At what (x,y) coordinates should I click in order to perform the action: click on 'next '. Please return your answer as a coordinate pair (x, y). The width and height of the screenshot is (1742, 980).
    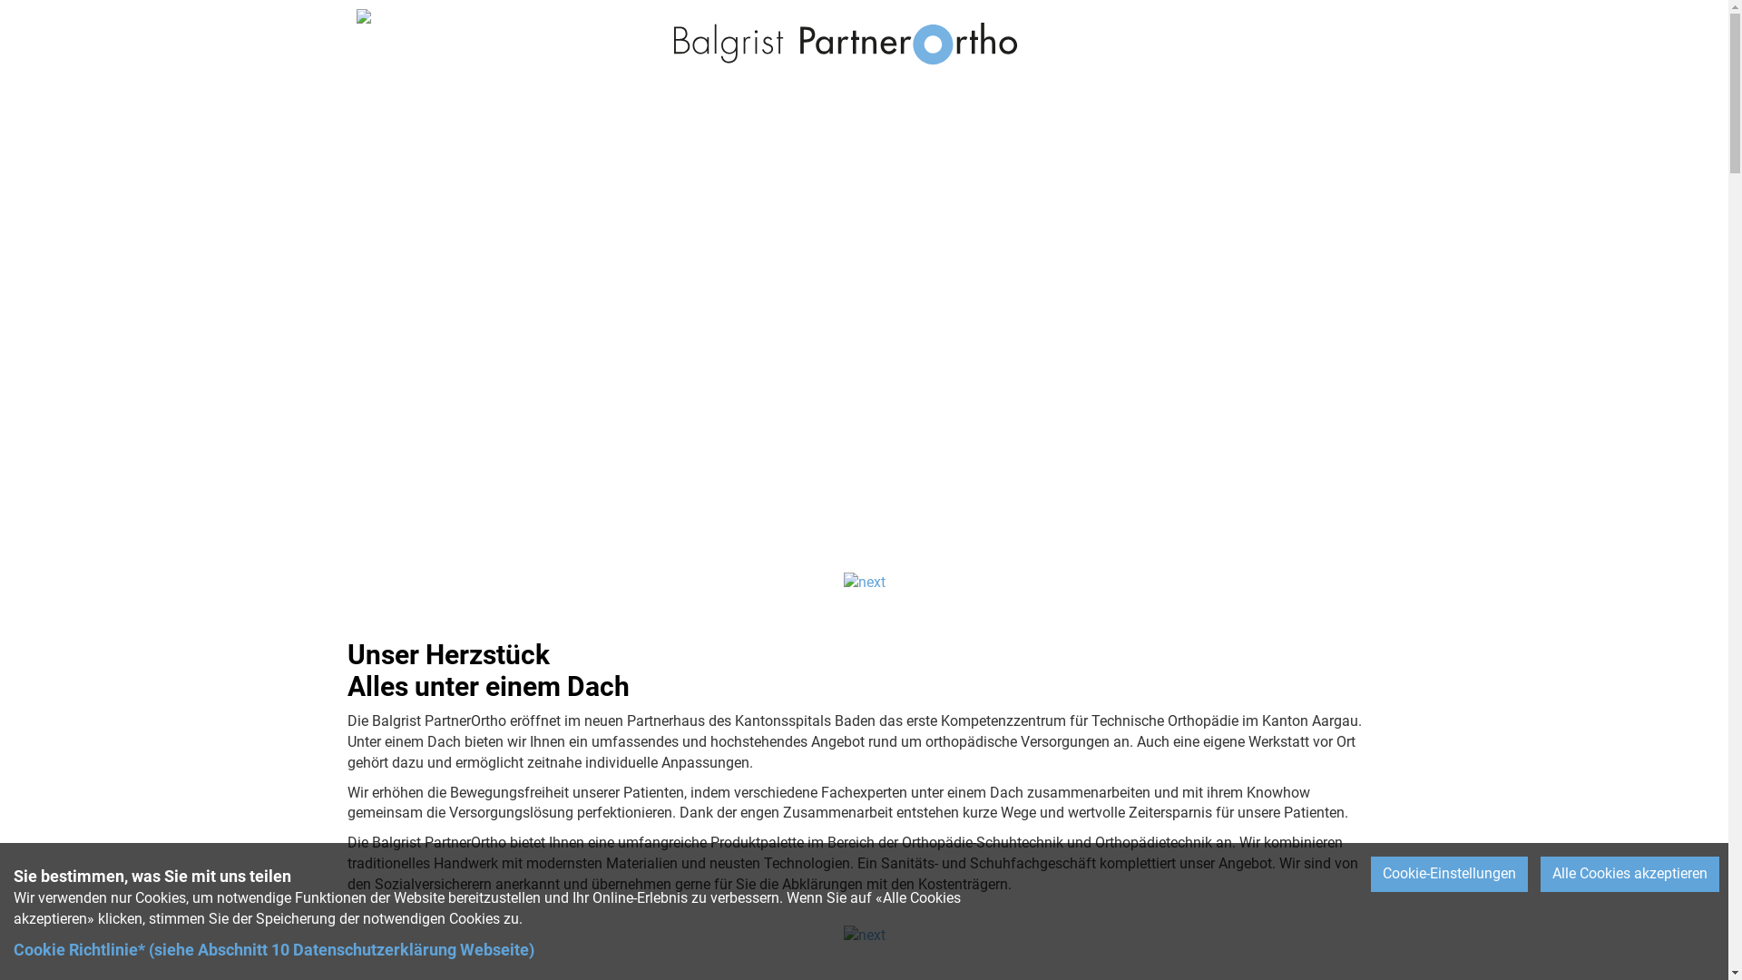
    Looking at the image, I should click on (864, 936).